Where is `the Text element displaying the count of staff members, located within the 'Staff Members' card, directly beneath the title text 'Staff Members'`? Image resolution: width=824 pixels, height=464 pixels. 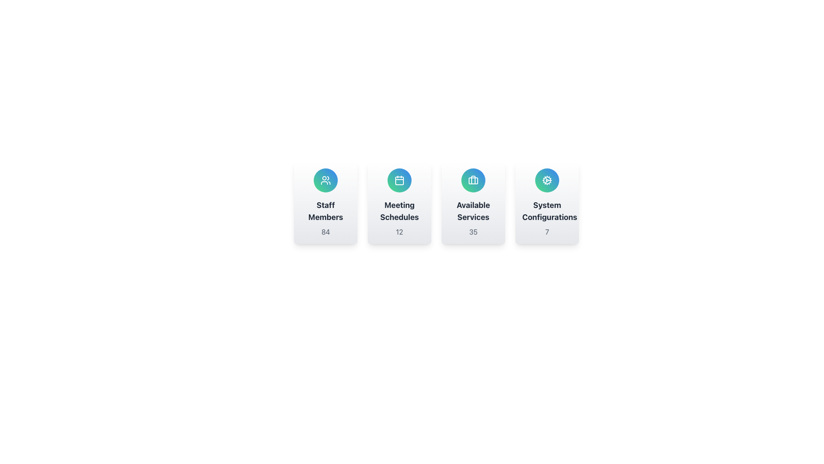 the Text element displaying the count of staff members, located within the 'Staff Members' card, directly beneath the title text 'Staff Members' is located at coordinates (325, 232).